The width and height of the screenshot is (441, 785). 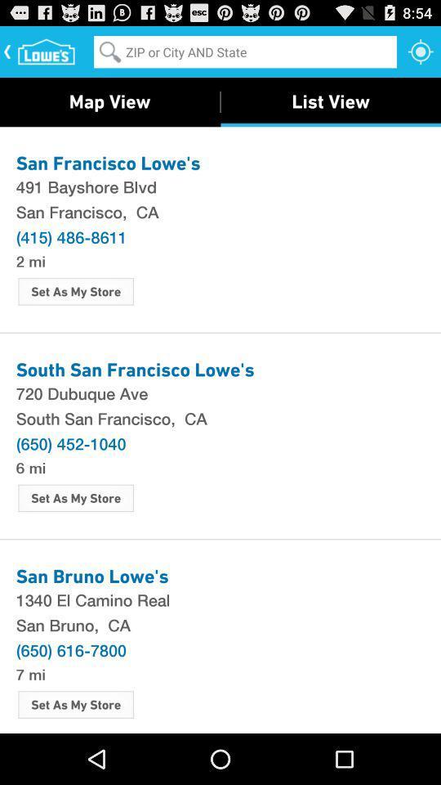 I want to click on the item above the south san francisco item, so click(x=220, y=392).